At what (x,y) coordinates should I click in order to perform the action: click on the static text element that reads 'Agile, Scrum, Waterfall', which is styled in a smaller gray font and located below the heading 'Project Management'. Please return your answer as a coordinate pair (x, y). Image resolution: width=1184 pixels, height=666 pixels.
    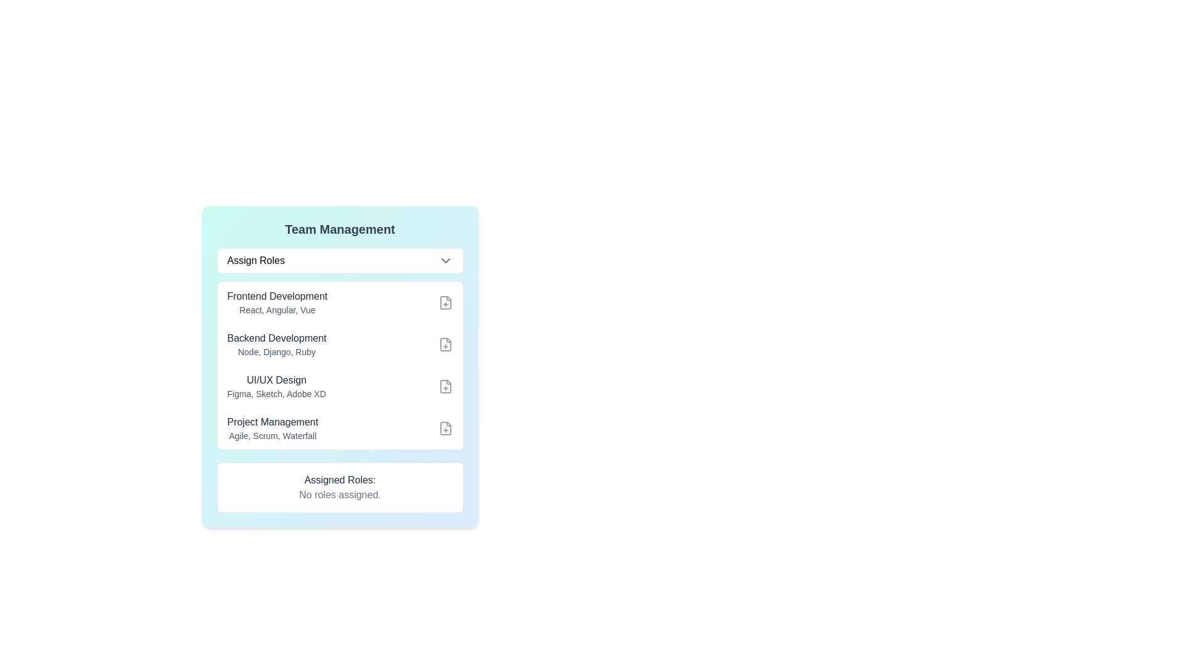
    Looking at the image, I should click on (272, 435).